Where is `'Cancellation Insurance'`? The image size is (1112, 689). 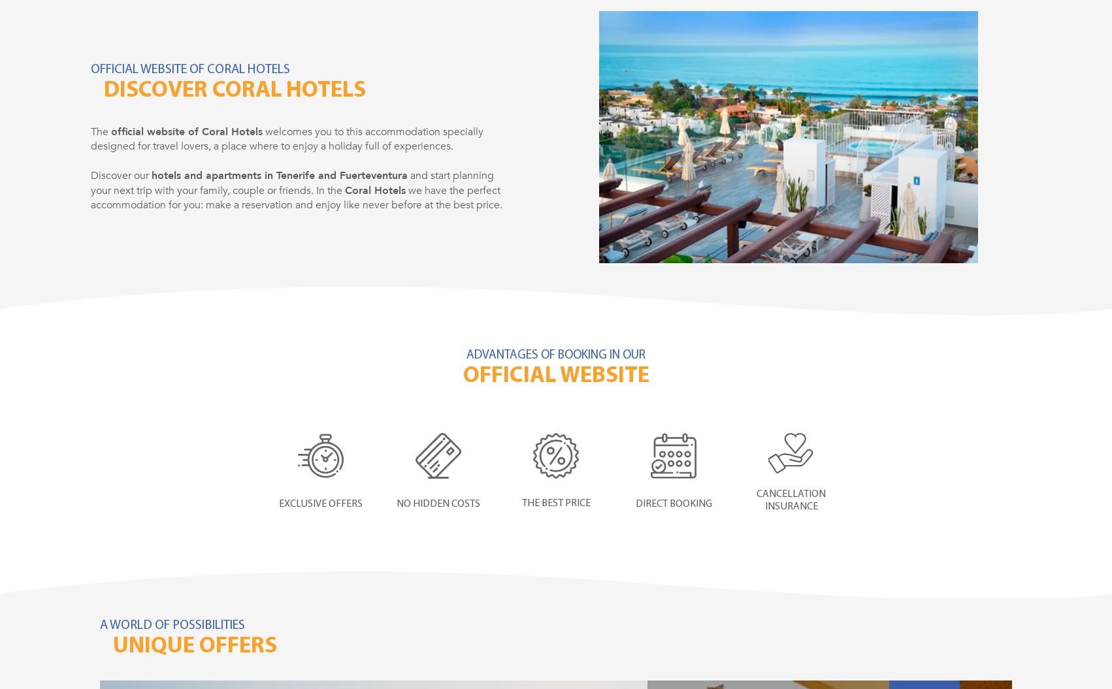 'Cancellation Insurance' is located at coordinates (791, 500).